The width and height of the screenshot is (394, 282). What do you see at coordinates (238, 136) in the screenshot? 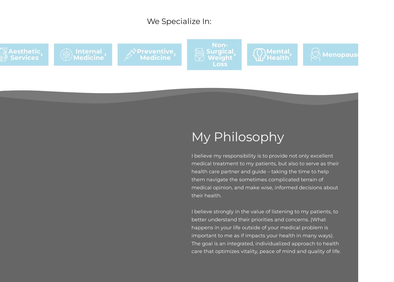
I see `'My Philosophy'` at bounding box center [238, 136].